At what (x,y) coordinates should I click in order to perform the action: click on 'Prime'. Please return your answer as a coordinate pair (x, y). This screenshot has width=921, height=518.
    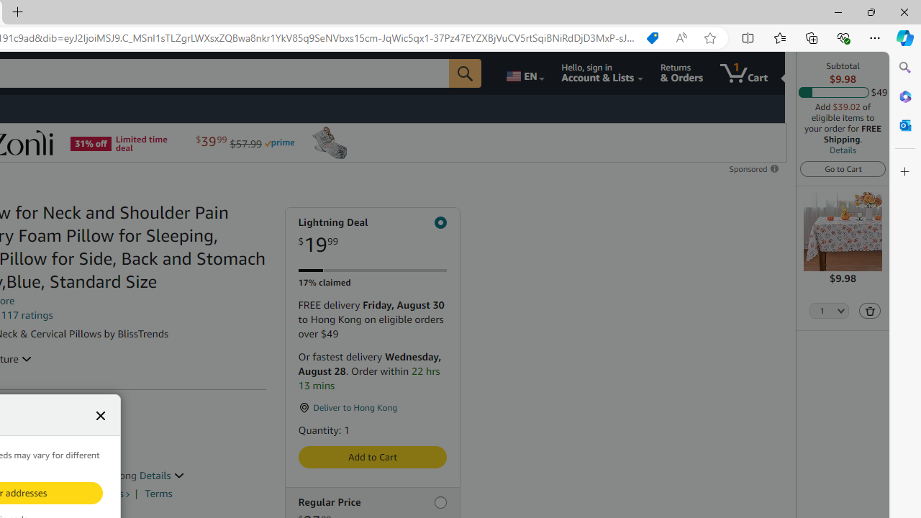
    Looking at the image, I should click on (279, 143).